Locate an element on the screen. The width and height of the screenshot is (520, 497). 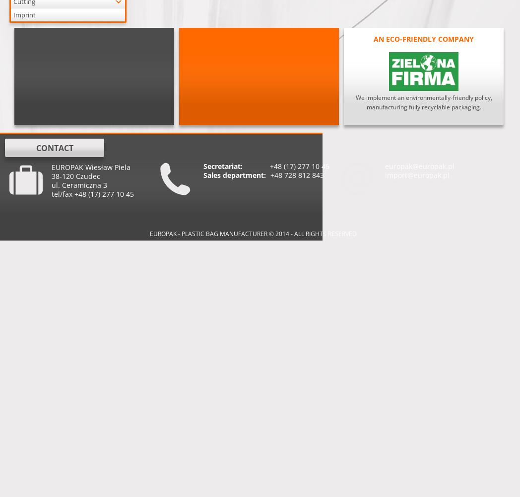
'+48 (17) 277 10 45' is located at coordinates (269, 166).